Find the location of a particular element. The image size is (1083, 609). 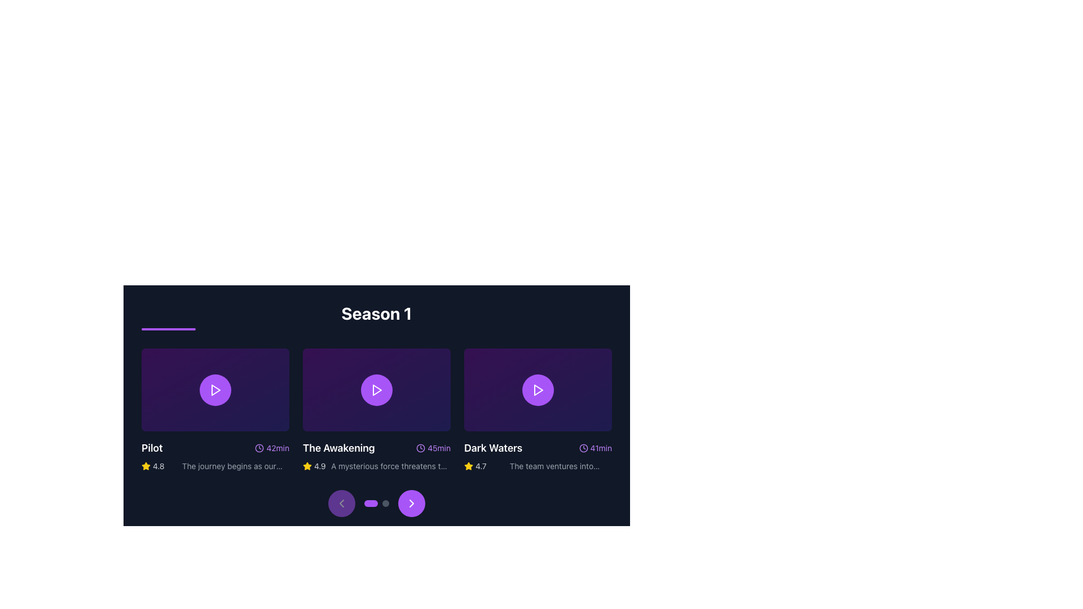

the yellow star-shaped decorative icon located to the left of the numerical rating '4.9' for the episode 'The Awakening' is located at coordinates (307, 466).